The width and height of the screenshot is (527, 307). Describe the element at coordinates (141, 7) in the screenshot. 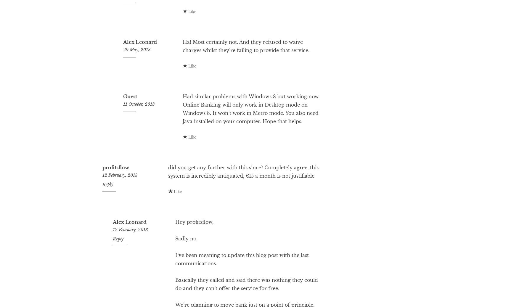

I see `'Gerard Martin Duffy'` at that location.